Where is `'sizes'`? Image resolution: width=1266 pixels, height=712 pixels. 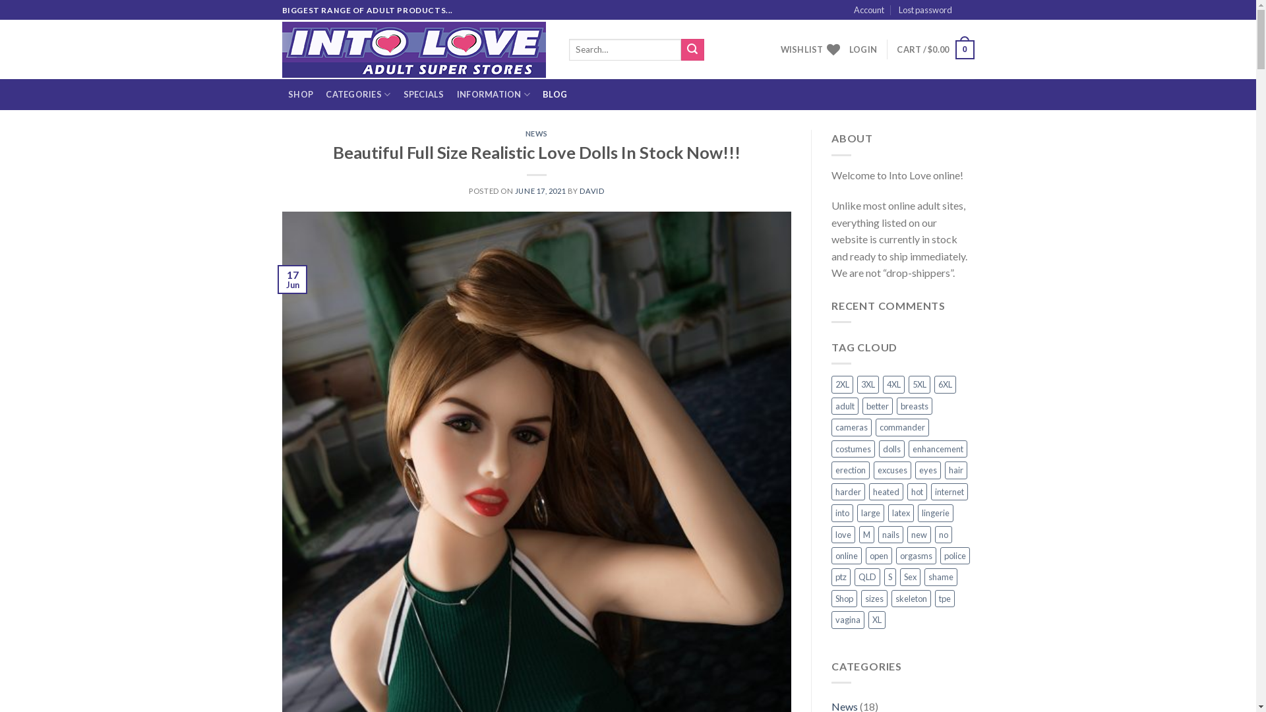
'sizes' is located at coordinates (874, 598).